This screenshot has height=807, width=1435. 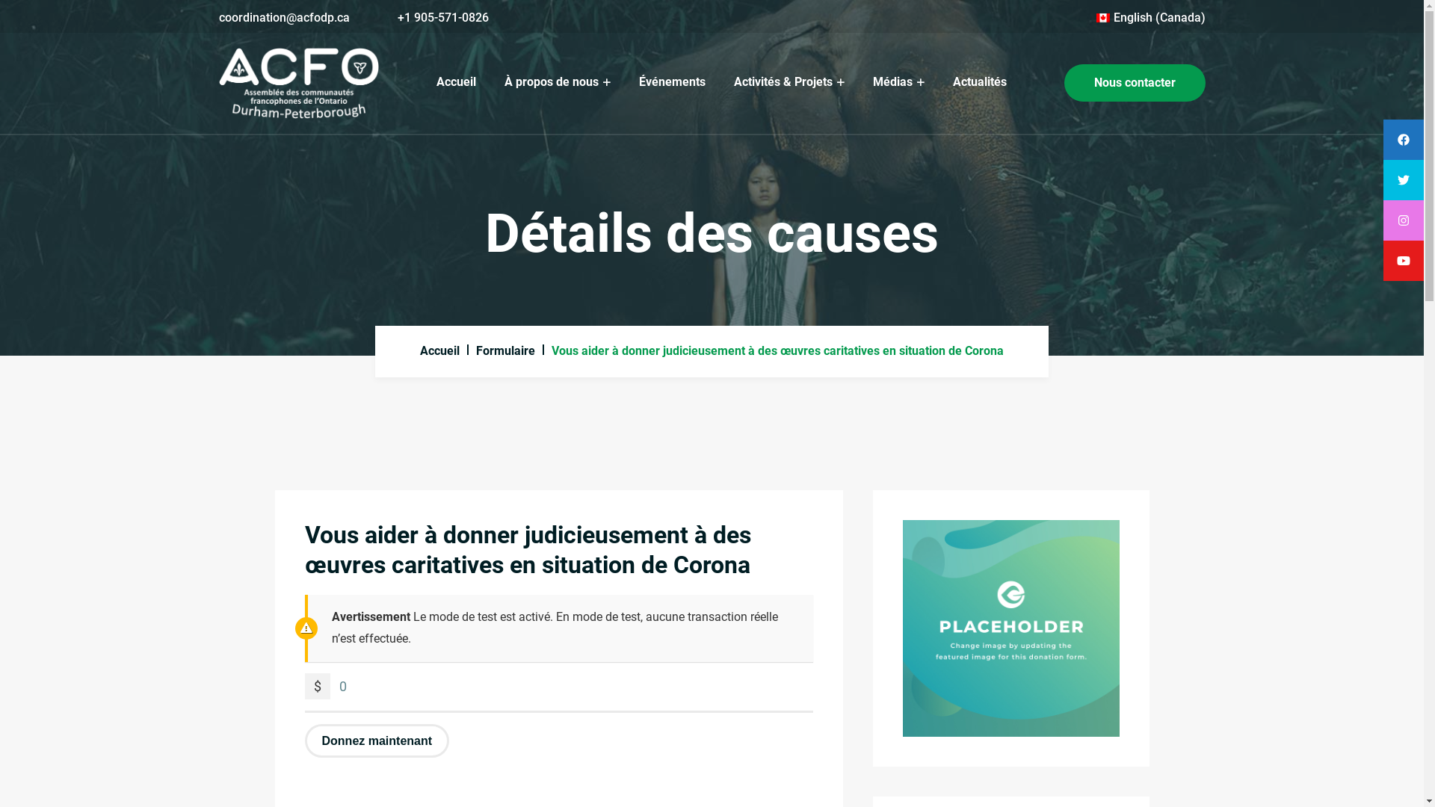 What do you see at coordinates (377, 740) in the screenshot?
I see `'Donnez maintenant'` at bounding box center [377, 740].